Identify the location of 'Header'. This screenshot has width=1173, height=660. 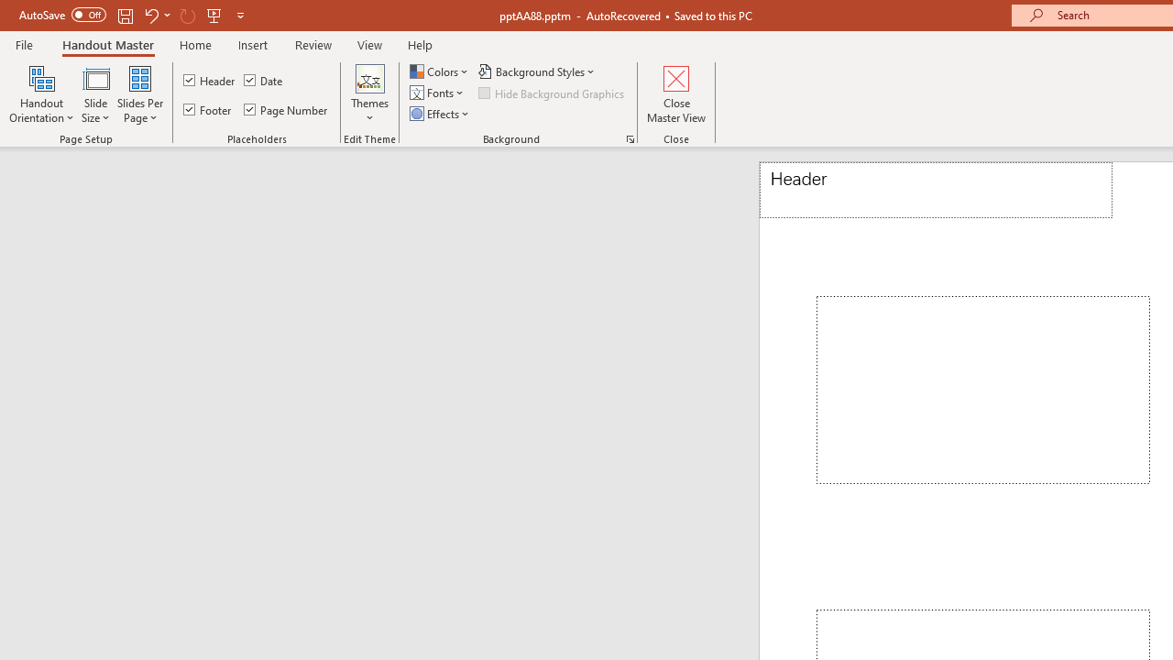
(936, 190).